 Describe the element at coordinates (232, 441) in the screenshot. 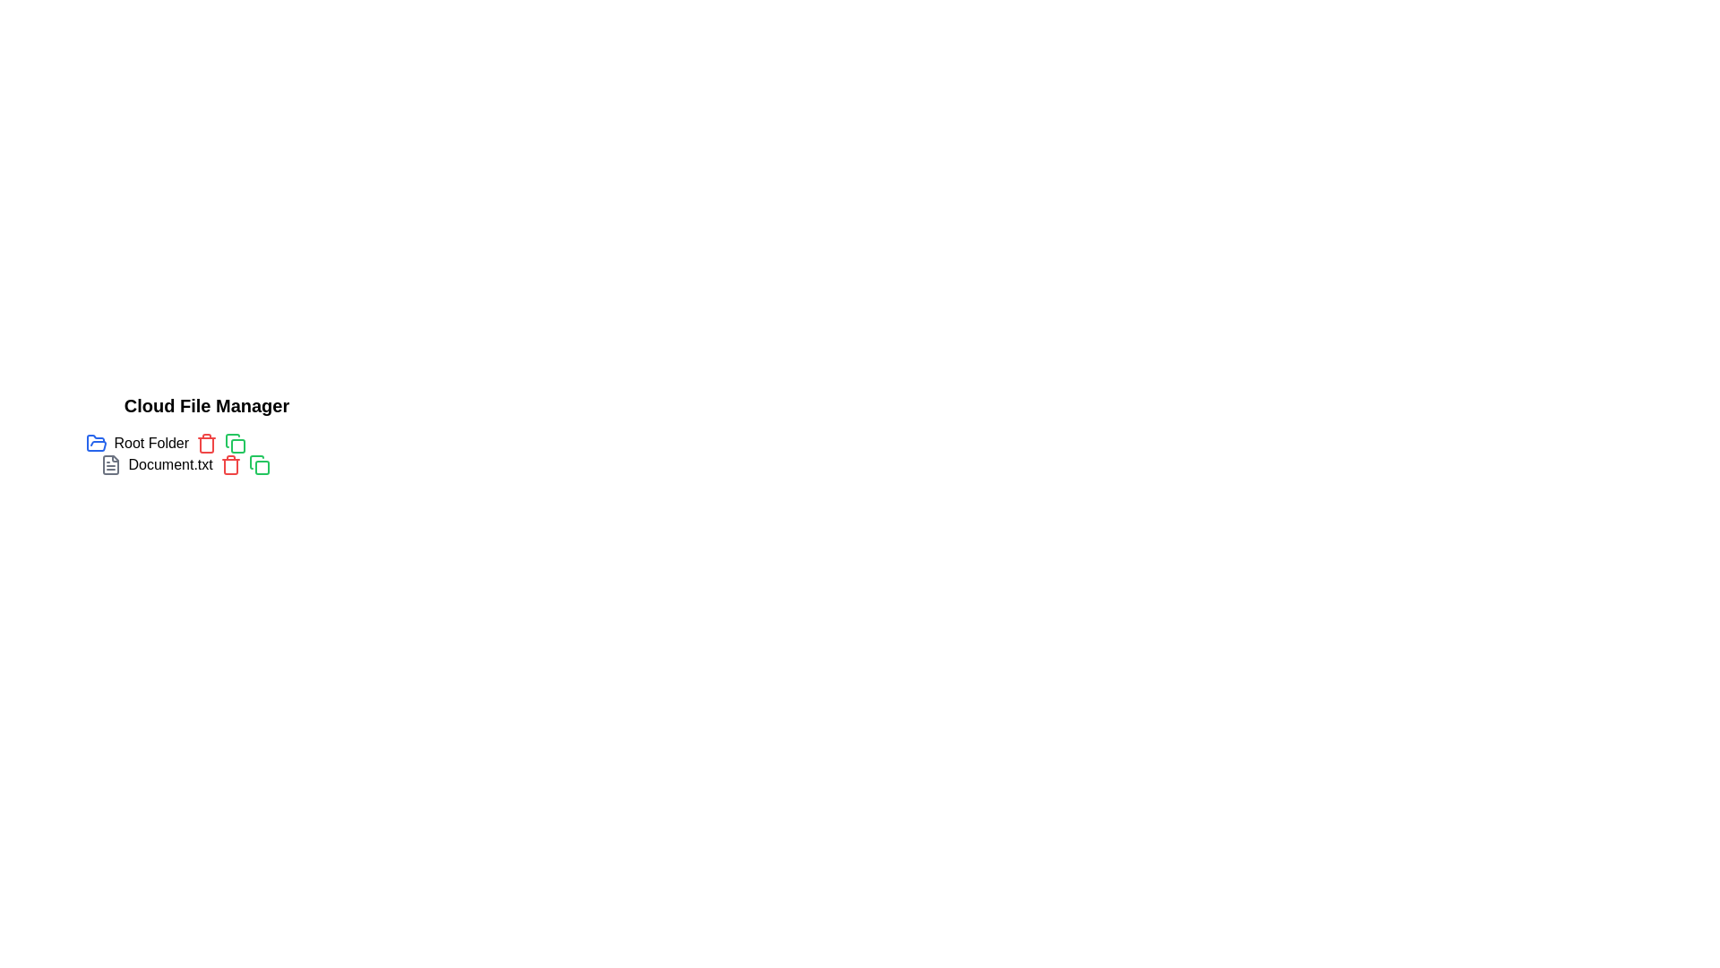

I see `the small green icon resembling a page with a folded corner, located next to the 'Document.txt' file name, to initiate the copy action` at that location.